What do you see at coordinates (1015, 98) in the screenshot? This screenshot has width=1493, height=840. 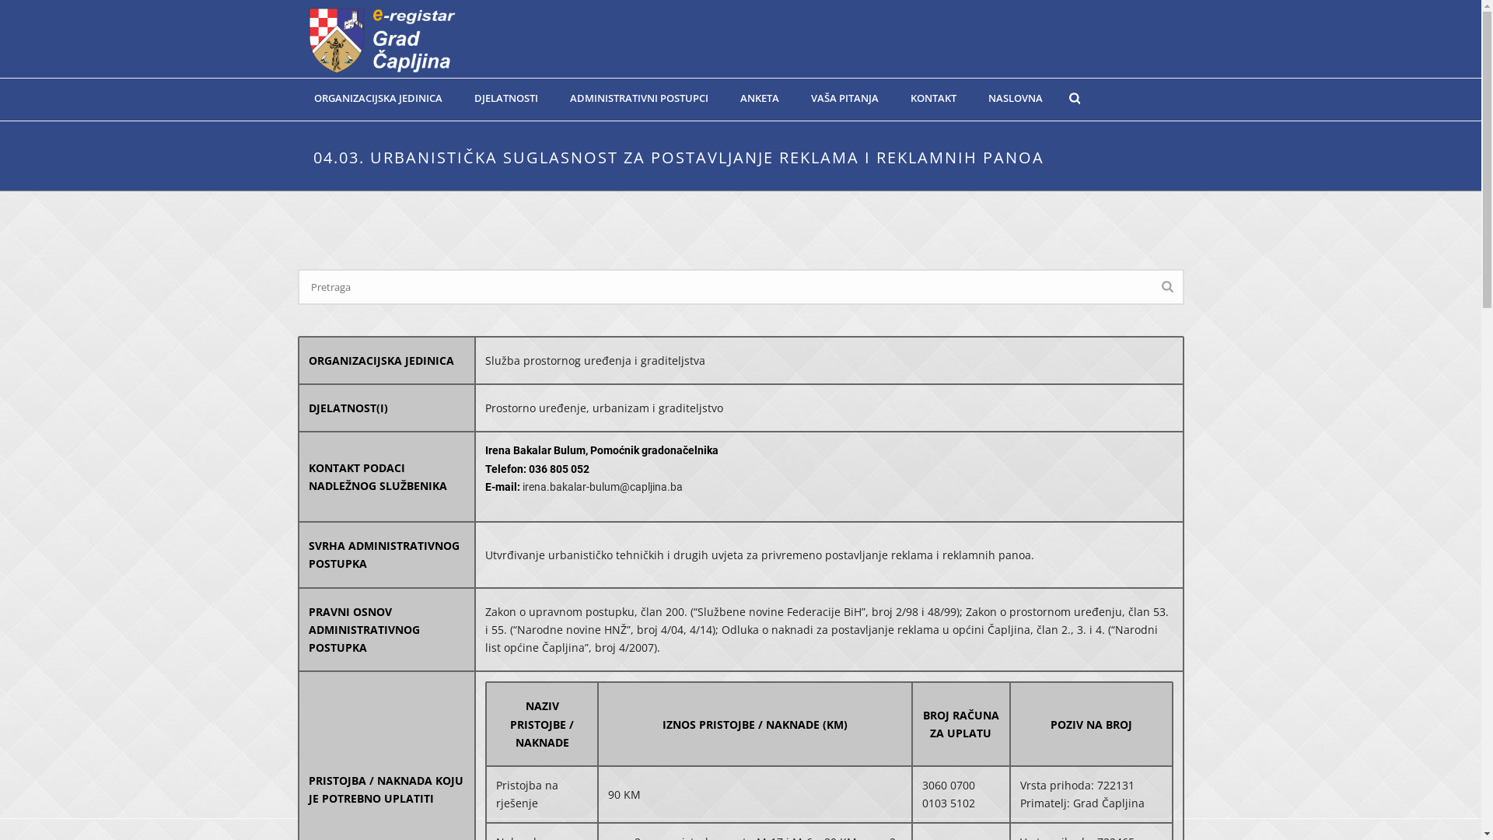 I see `'NASLOVNA'` at bounding box center [1015, 98].